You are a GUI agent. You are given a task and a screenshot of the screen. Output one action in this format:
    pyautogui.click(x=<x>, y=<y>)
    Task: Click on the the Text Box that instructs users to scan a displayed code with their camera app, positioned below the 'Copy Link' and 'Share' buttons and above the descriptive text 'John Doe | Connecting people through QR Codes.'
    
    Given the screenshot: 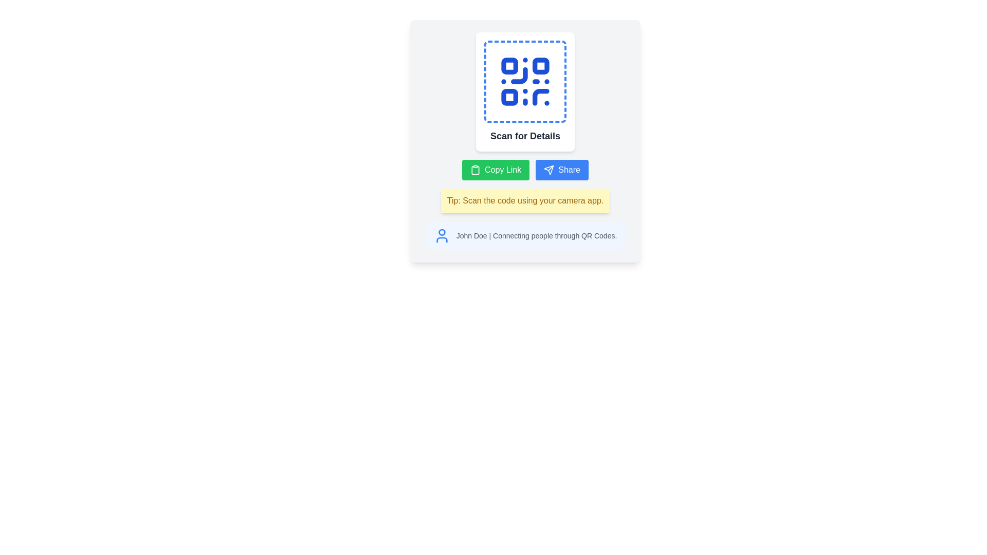 What is the action you would take?
    pyautogui.click(x=525, y=200)
    